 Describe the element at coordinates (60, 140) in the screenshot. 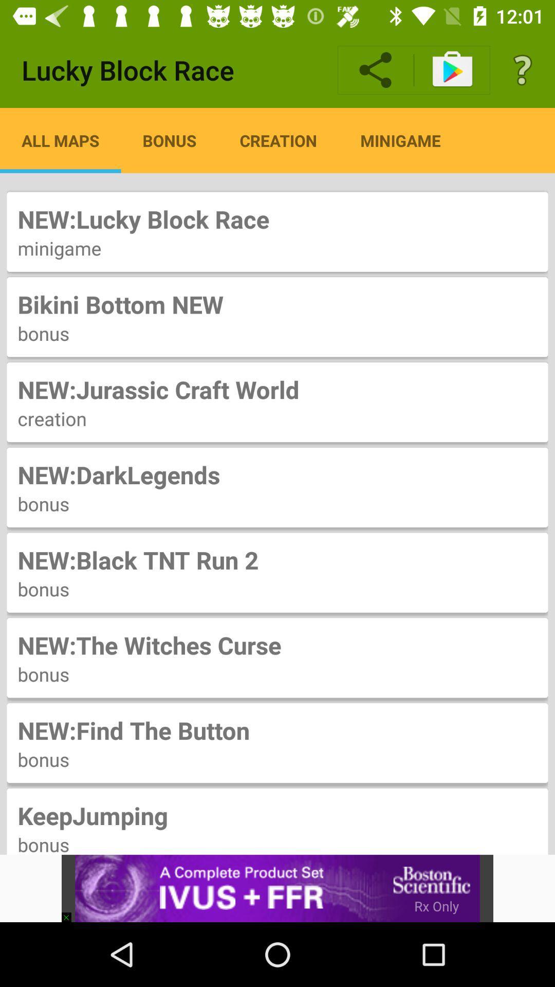

I see `the all maps icon` at that location.